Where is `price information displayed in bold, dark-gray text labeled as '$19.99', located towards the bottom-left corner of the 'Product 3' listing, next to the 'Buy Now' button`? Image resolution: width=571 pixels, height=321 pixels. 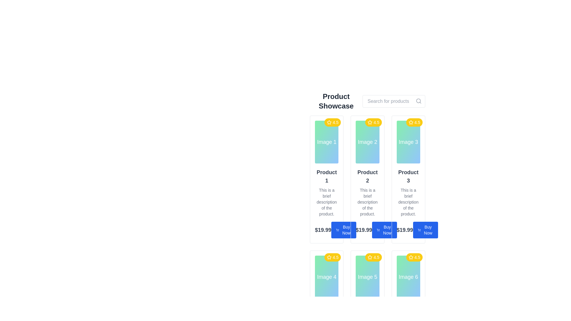 price information displayed in bold, dark-gray text labeled as '$19.99', located towards the bottom-left corner of the 'Product 3' listing, next to the 'Buy Now' button is located at coordinates (408, 230).